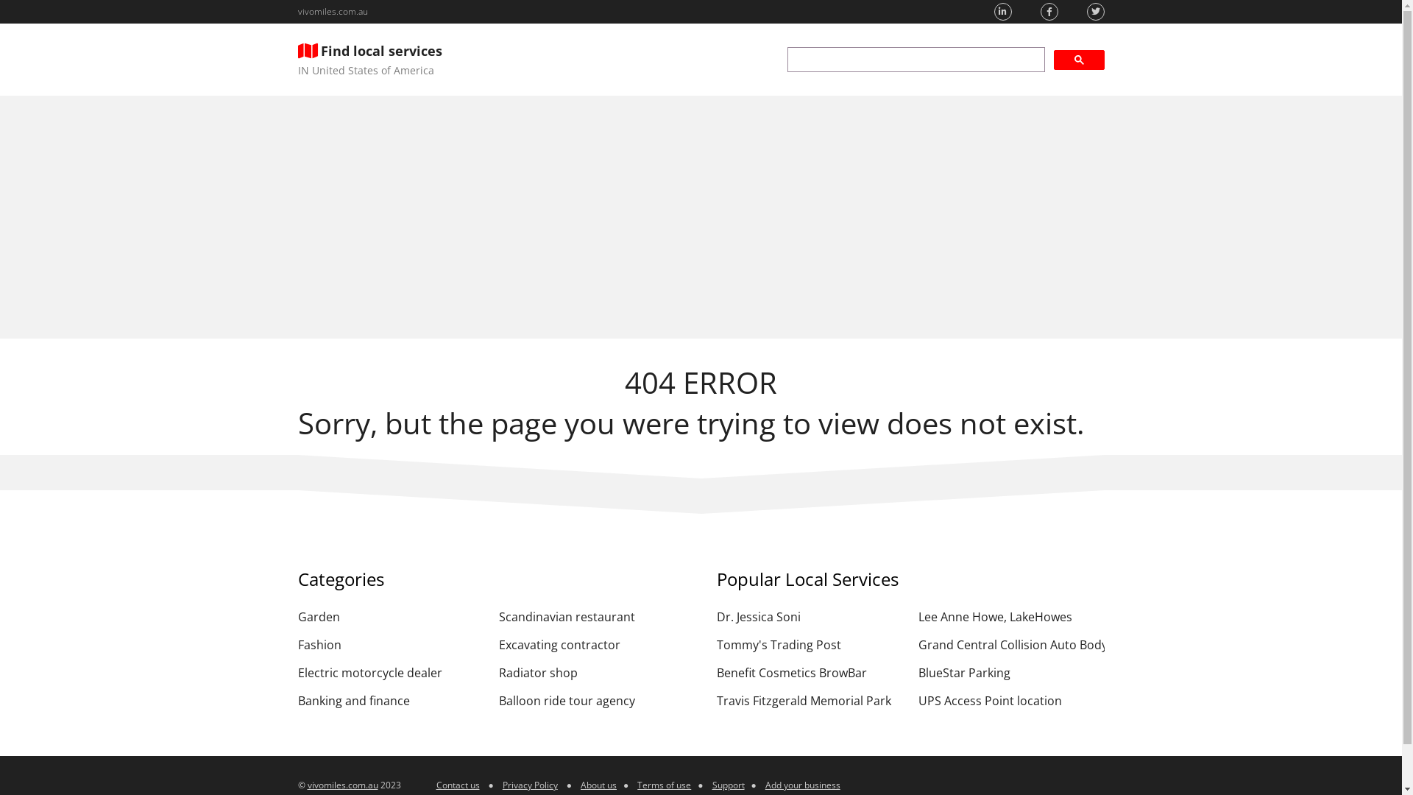 Image resolution: width=1413 pixels, height=795 pixels. What do you see at coordinates (809, 643) in the screenshot?
I see `'Tommy's Trading Post'` at bounding box center [809, 643].